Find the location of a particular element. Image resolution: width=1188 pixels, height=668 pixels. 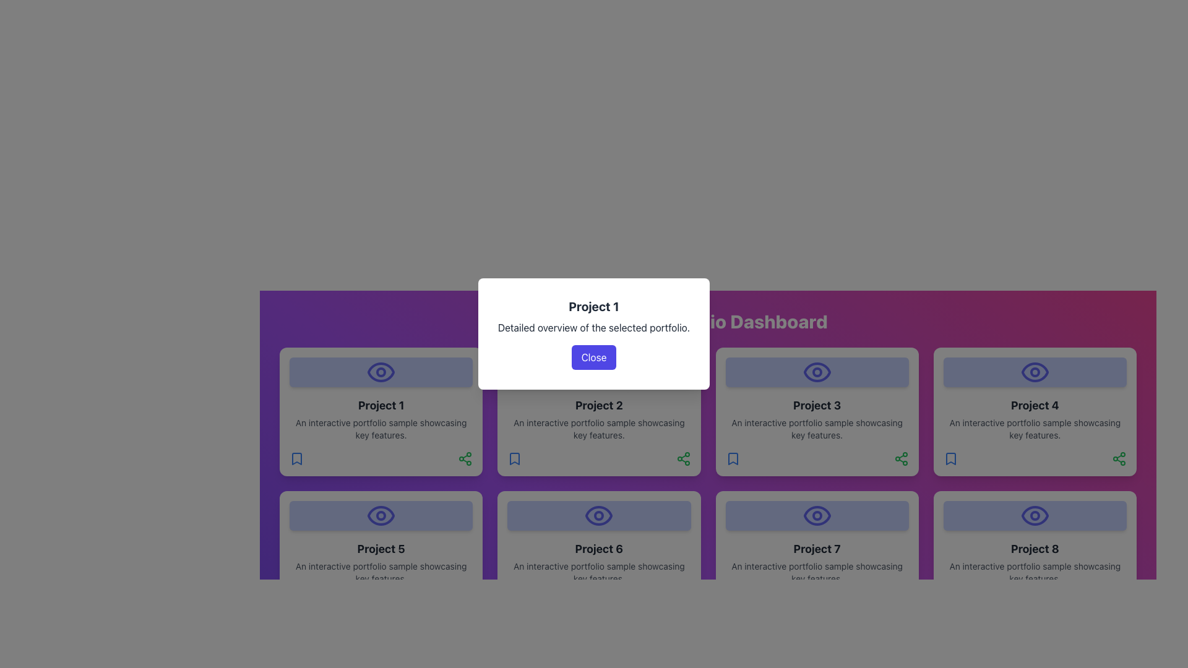

the icon representing the view functionality for 'Project 4', located at the center above the title text of the project tile is located at coordinates (1035, 371).